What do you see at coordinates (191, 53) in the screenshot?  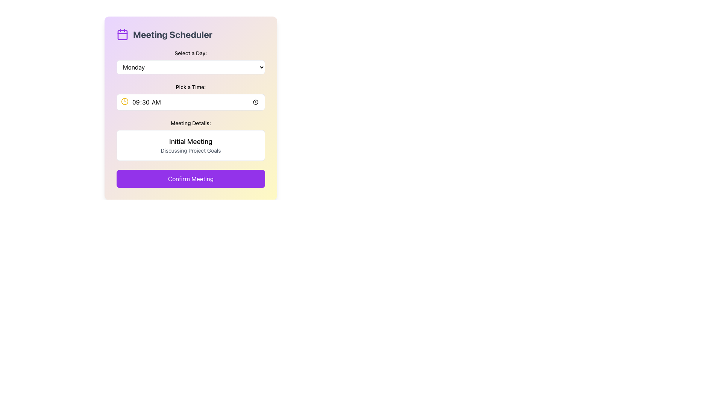 I see `the text label that introduces the dropdown input field for selecting a day, located beneath the title 'Meeting Scheduler' and above the 'Monday' dropdown` at bounding box center [191, 53].